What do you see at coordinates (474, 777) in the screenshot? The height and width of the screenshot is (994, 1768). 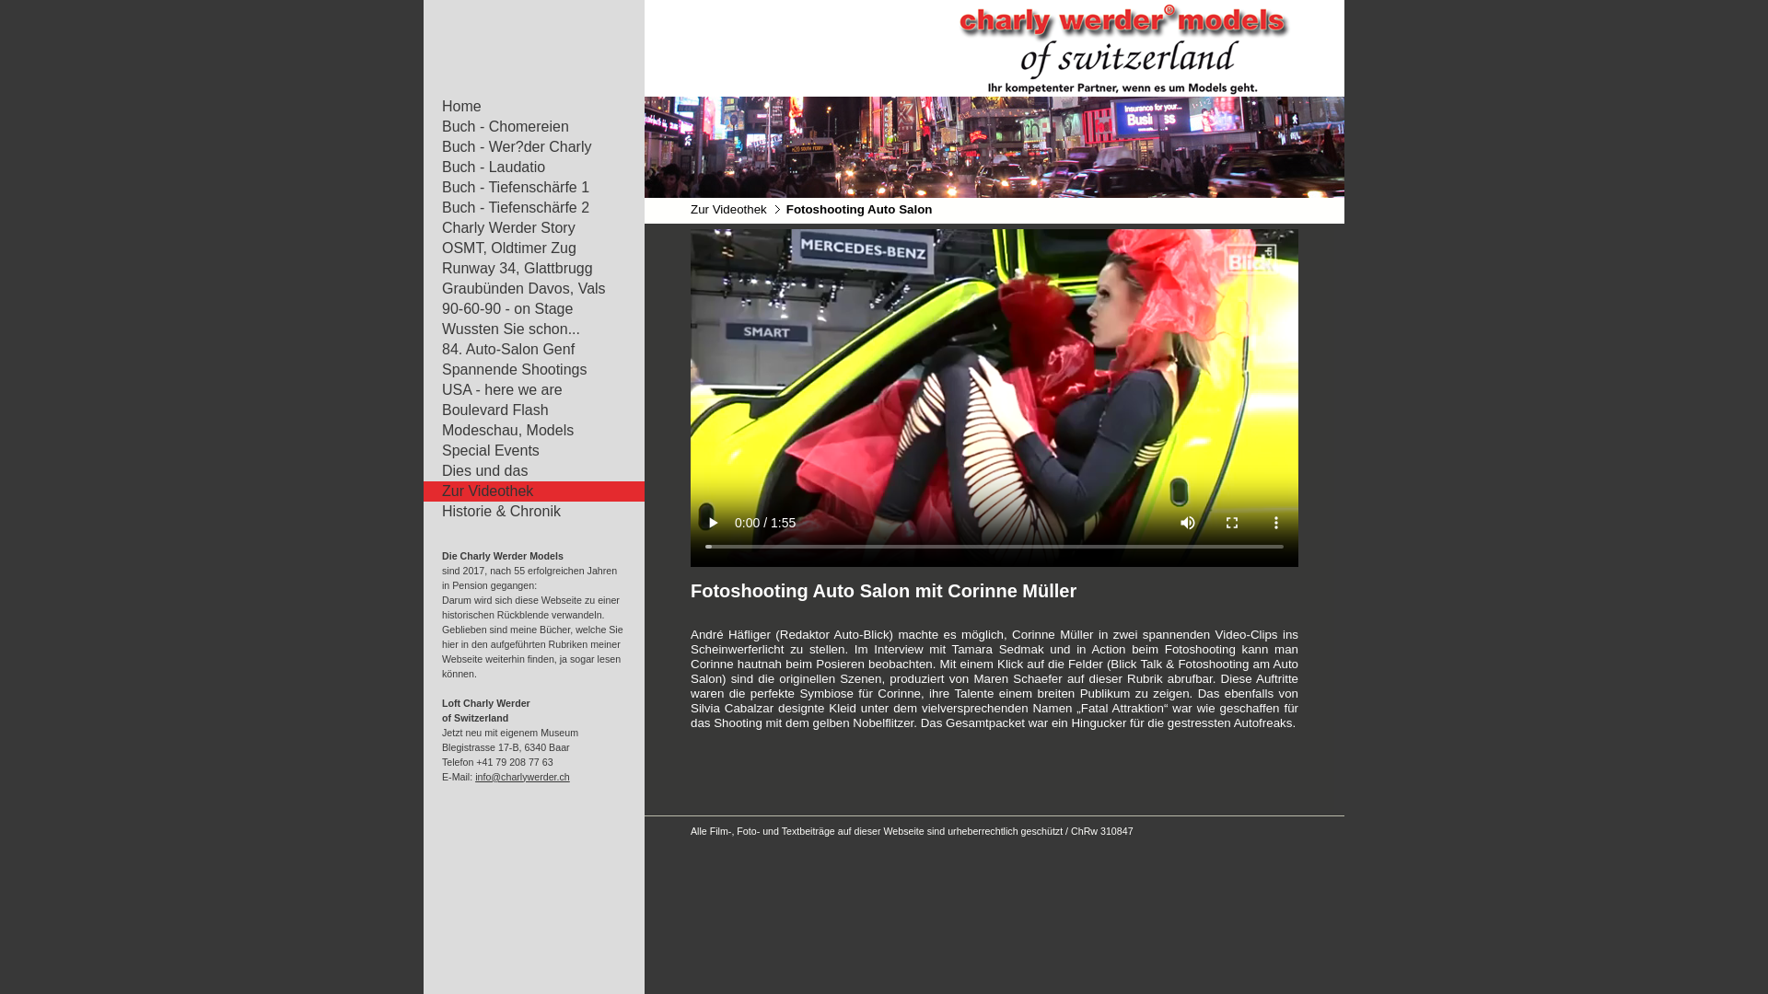 I see `'info@charlywerder.ch'` at bounding box center [474, 777].